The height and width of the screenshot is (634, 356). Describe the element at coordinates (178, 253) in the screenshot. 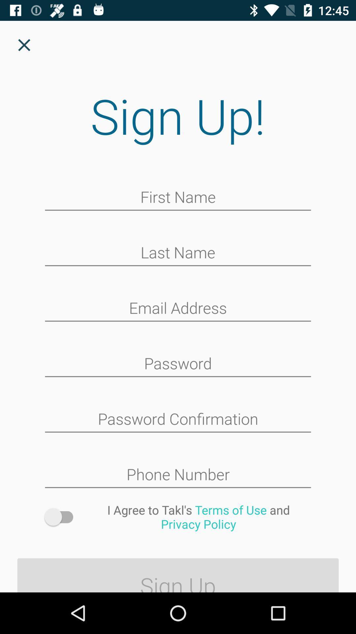

I see `your last name` at that location.